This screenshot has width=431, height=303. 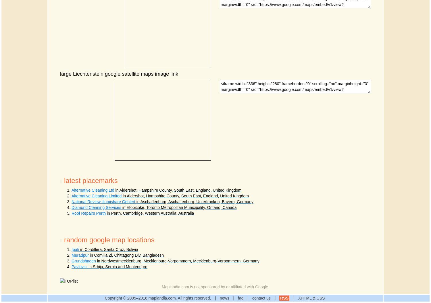 What do you see at coordinates (106, 213) in the screenshot?
I see `'in Perth, Cambridge, Western Australia, Australia'` at bounding box center [106, 213].